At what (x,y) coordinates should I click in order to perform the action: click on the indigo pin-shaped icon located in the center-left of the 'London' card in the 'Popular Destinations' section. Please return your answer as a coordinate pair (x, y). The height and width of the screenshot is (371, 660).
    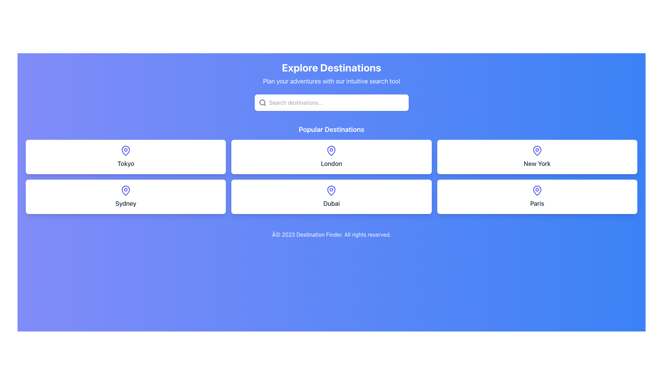
    Looking at the image, I should click on (331, 150).